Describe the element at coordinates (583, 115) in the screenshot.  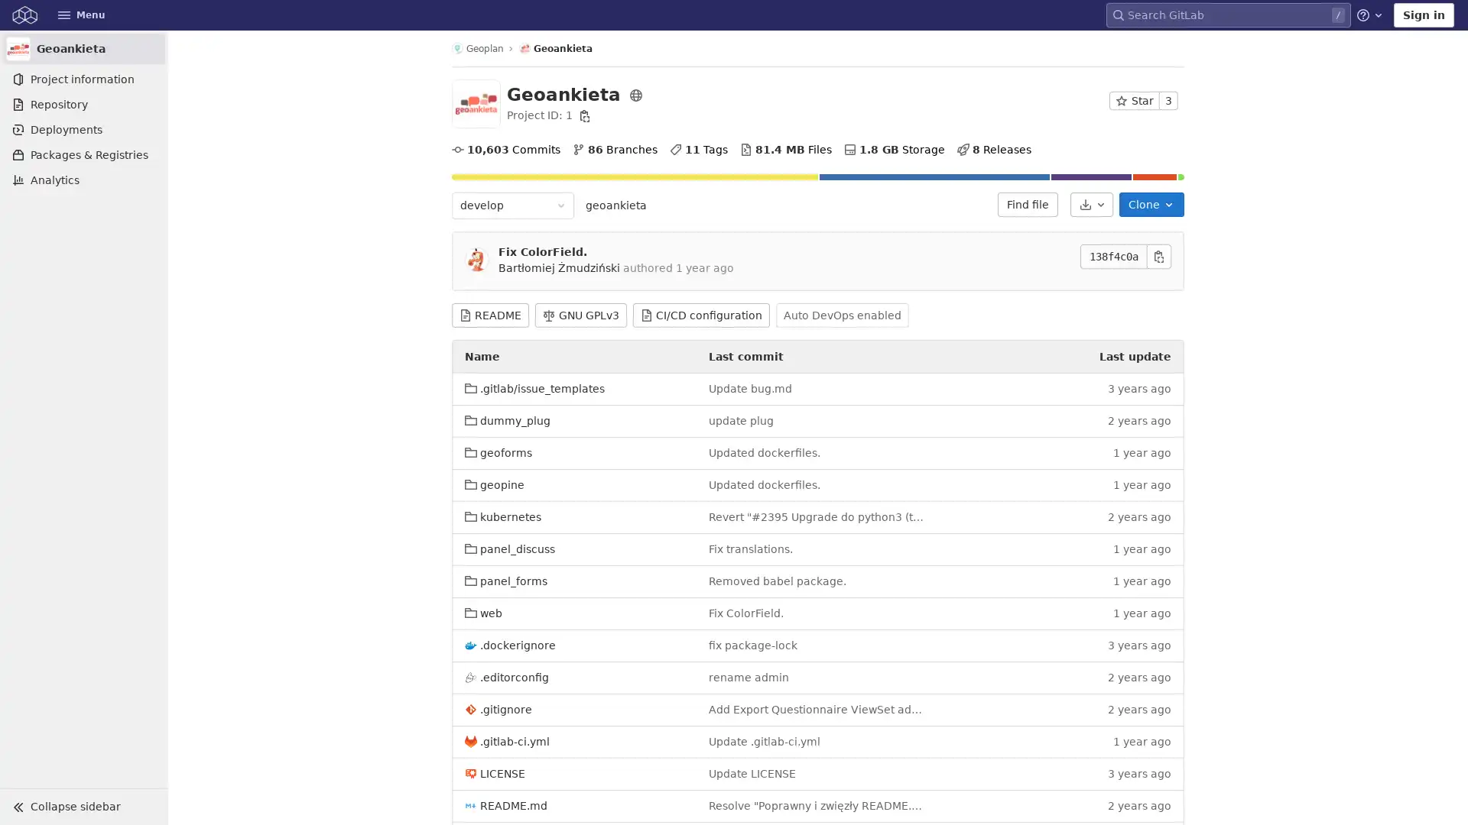
I see `Copy project ID` at that location.